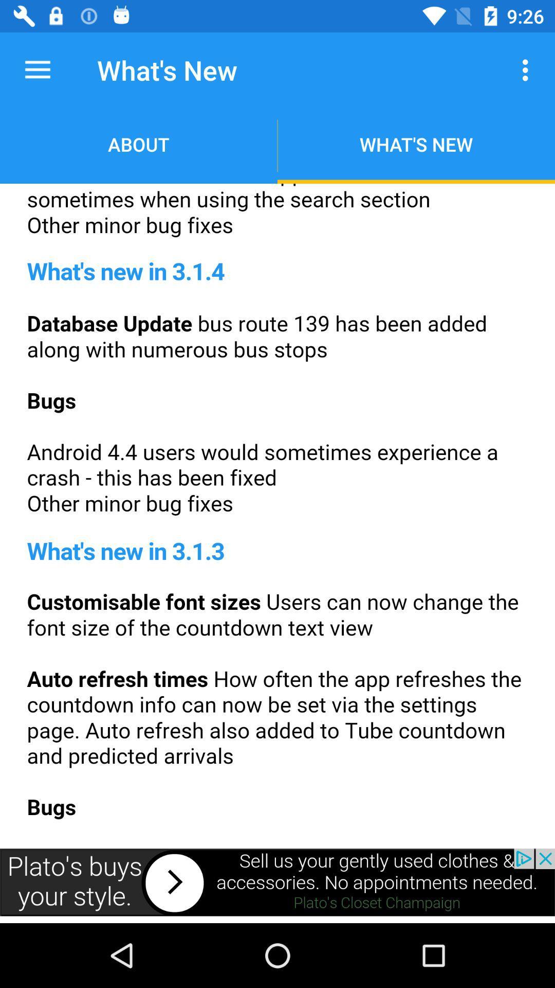 Image resolution: width=555 pixels, height=988 pixels. What do you see at coordinates (277, 881) in the screenshot?
I see `open advertisement` at bounding box center [277, 881].